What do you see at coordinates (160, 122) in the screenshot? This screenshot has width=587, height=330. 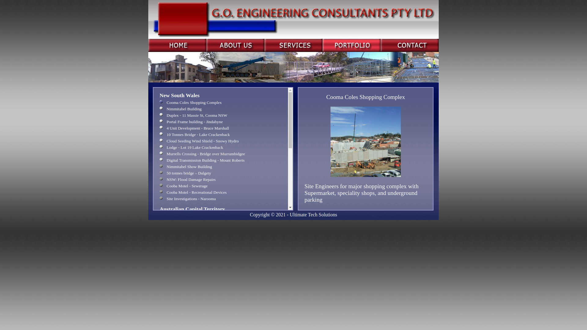 I see `'Portal Frame building - Jindabyne'` at bounding box center [160, 122].